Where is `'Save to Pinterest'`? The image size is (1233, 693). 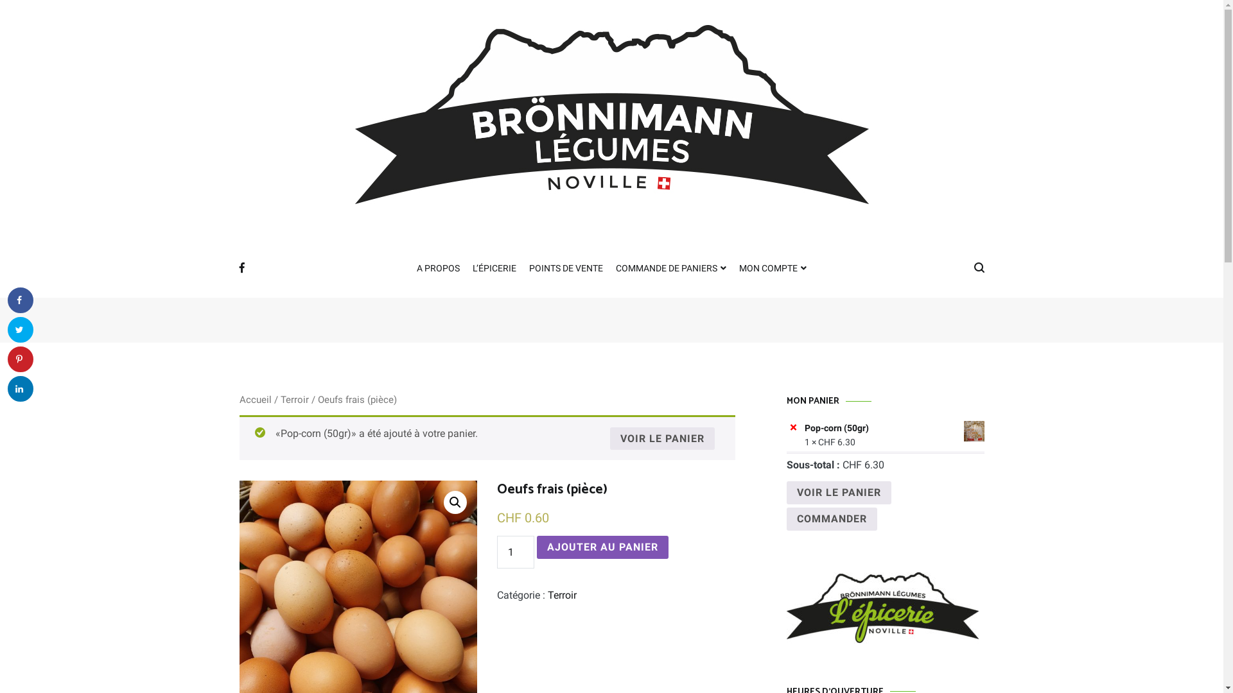
'Save to Pinterest' is located at coordinates (21, 359).